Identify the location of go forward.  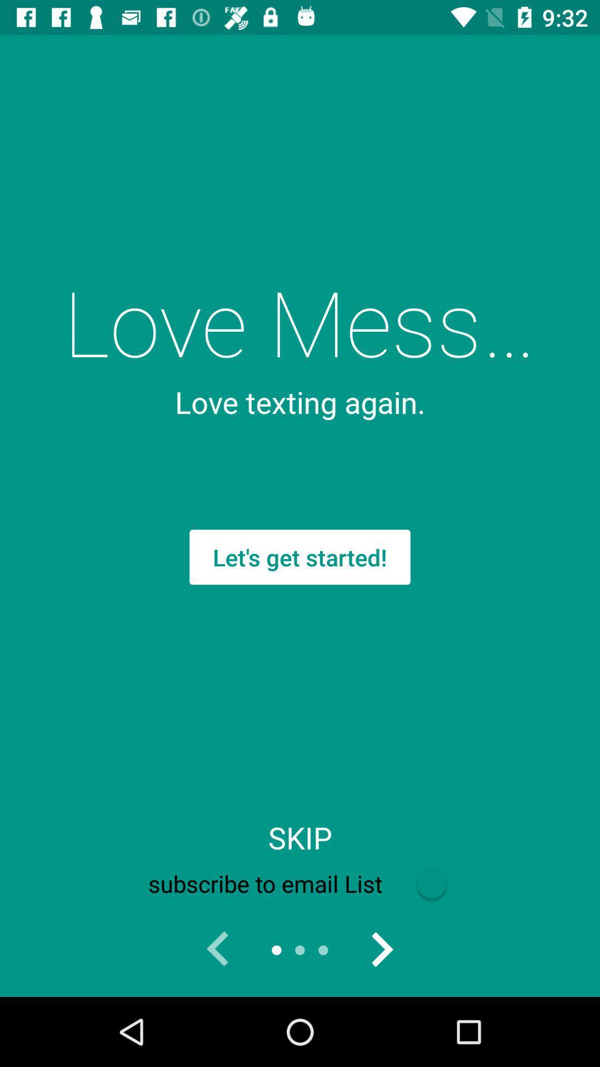
(381, 949).